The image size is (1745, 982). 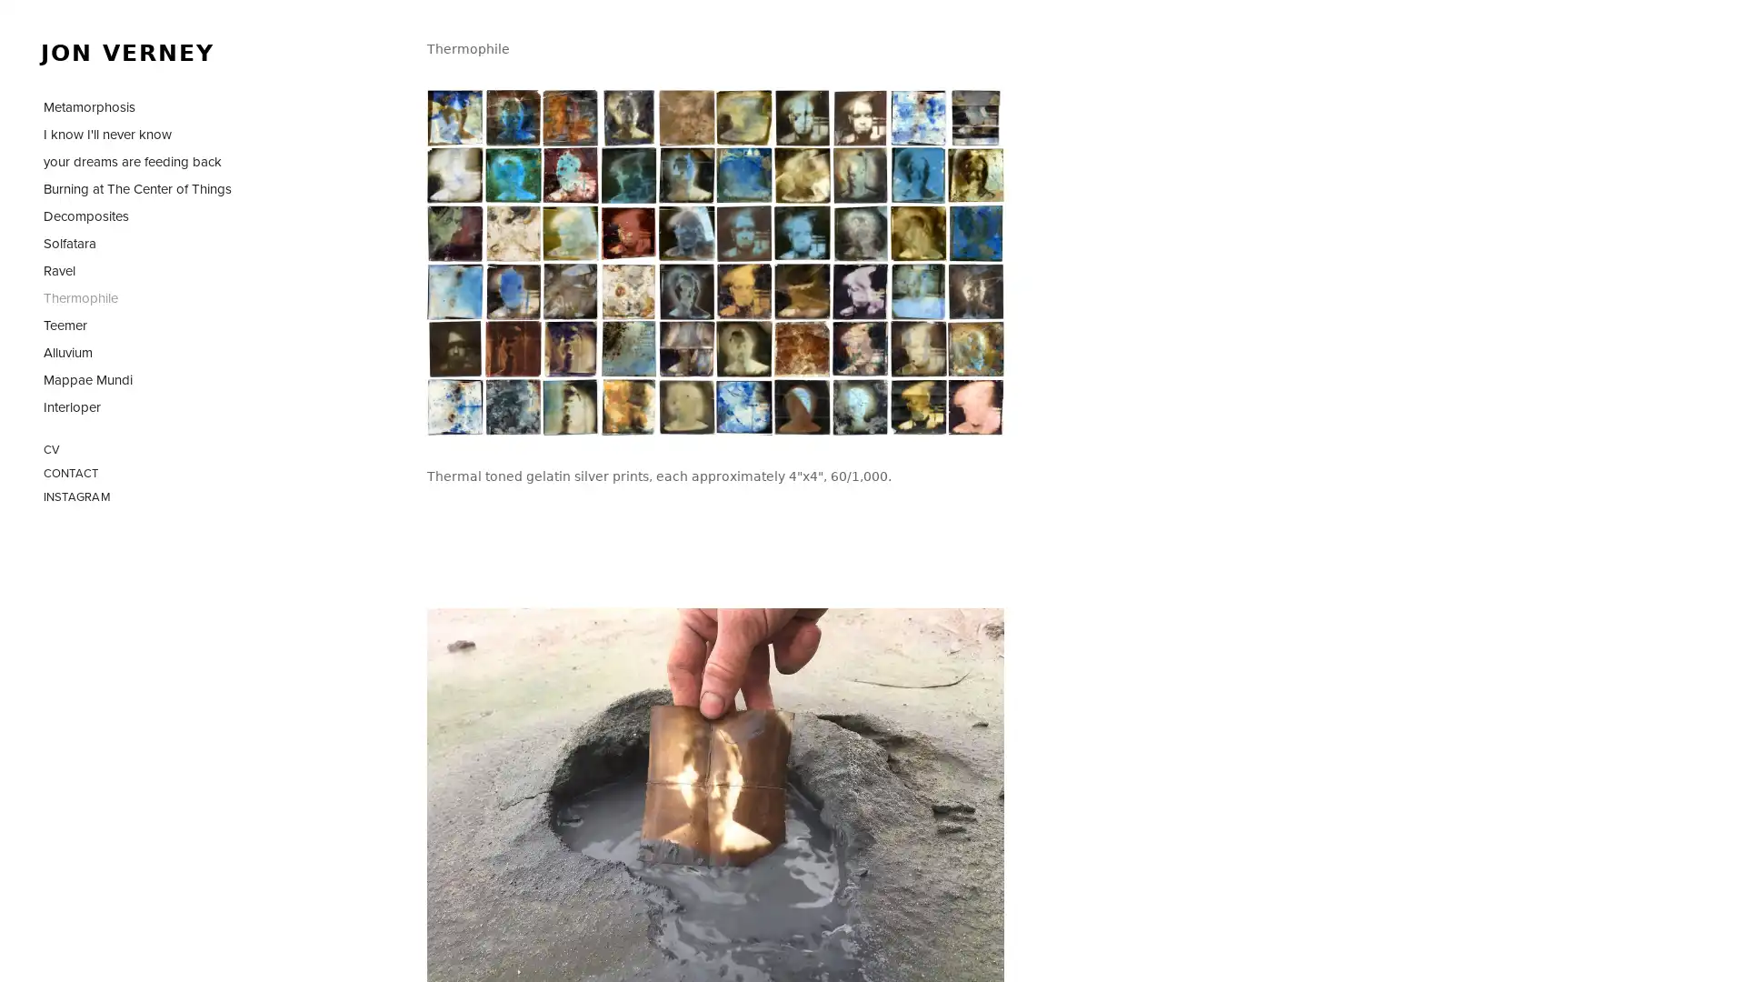 What do you see at coordinates (858, 175) in the screenshot?
I see `View fullsize jon_verney_thermophile_44.jpg` at bounding box center [858, 175].